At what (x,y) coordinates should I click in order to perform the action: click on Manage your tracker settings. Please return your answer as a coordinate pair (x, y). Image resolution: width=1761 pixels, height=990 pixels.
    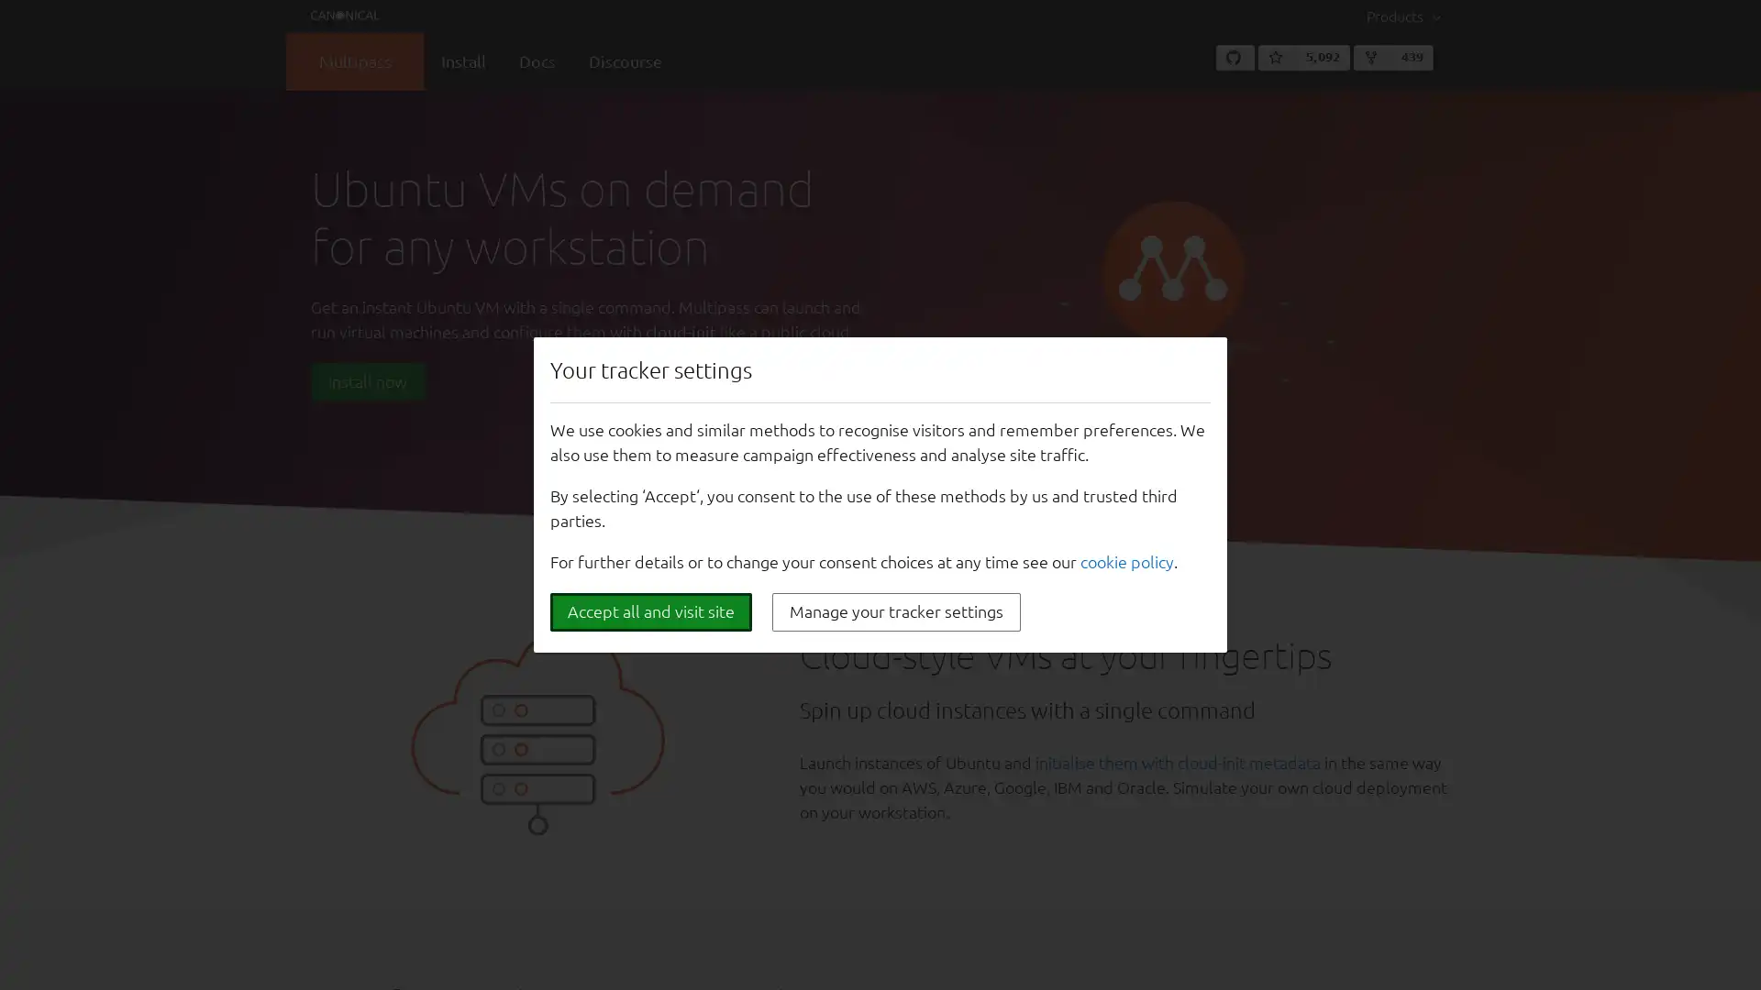
    Looking at the image, I should click on (896, 611).